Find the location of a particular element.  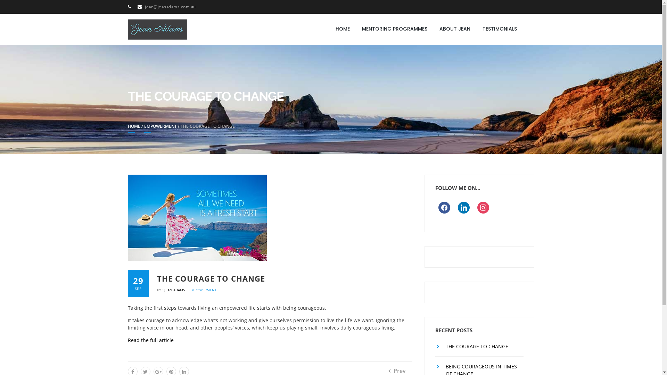

'HOME' is located at coordinates (134, 128).